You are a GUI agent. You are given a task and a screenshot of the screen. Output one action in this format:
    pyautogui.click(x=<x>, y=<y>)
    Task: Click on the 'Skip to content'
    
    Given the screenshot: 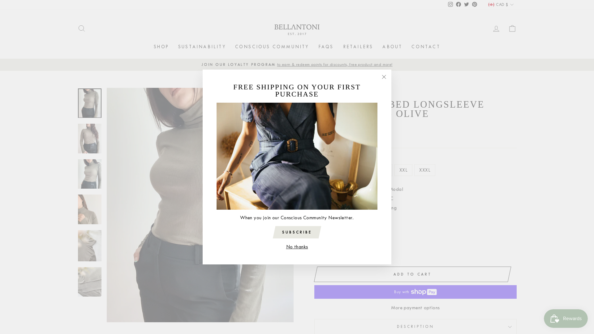 What is the action you would take?
    pyautogui.click(x=0, y=0)
    